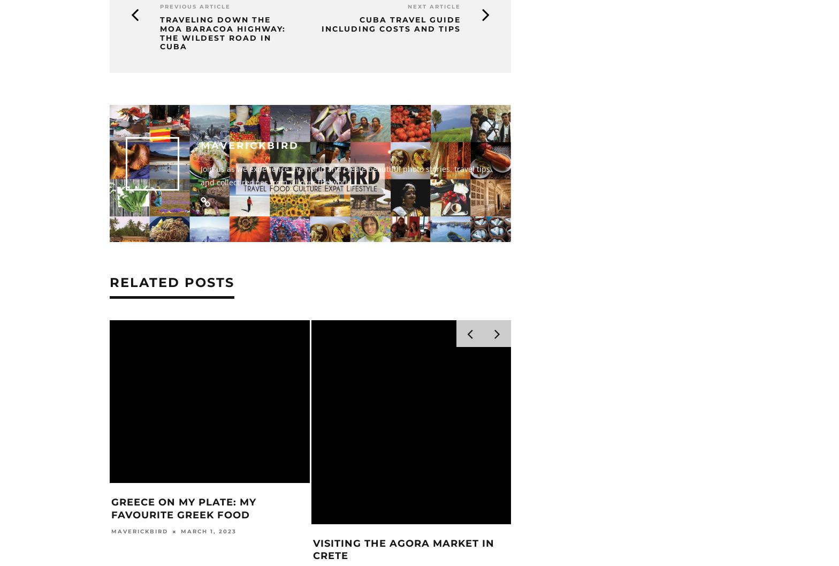 The image size is (839, 566). Describe the element at coordinates (581, 512) in the screenshot. I see `'Greece on my plate: my favourite Greek food'` at that location.